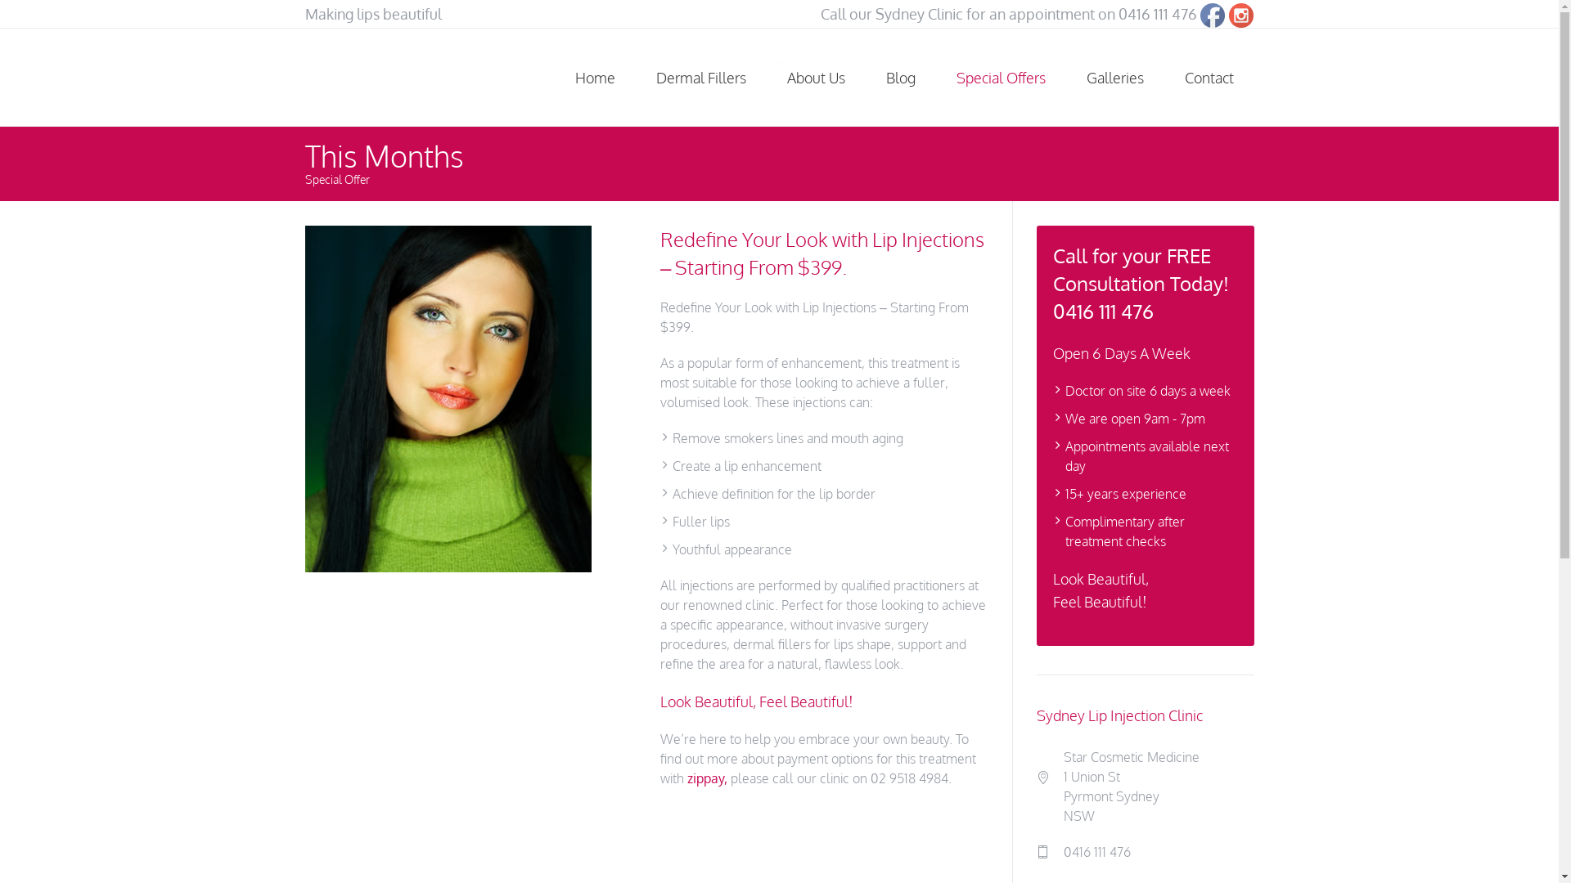 This screenshot has width=1571, height=883. What do you see at coordinates (1000, 78) in the screenshot?
I see `'Special Offers'` at bounding box center [1000, 78].